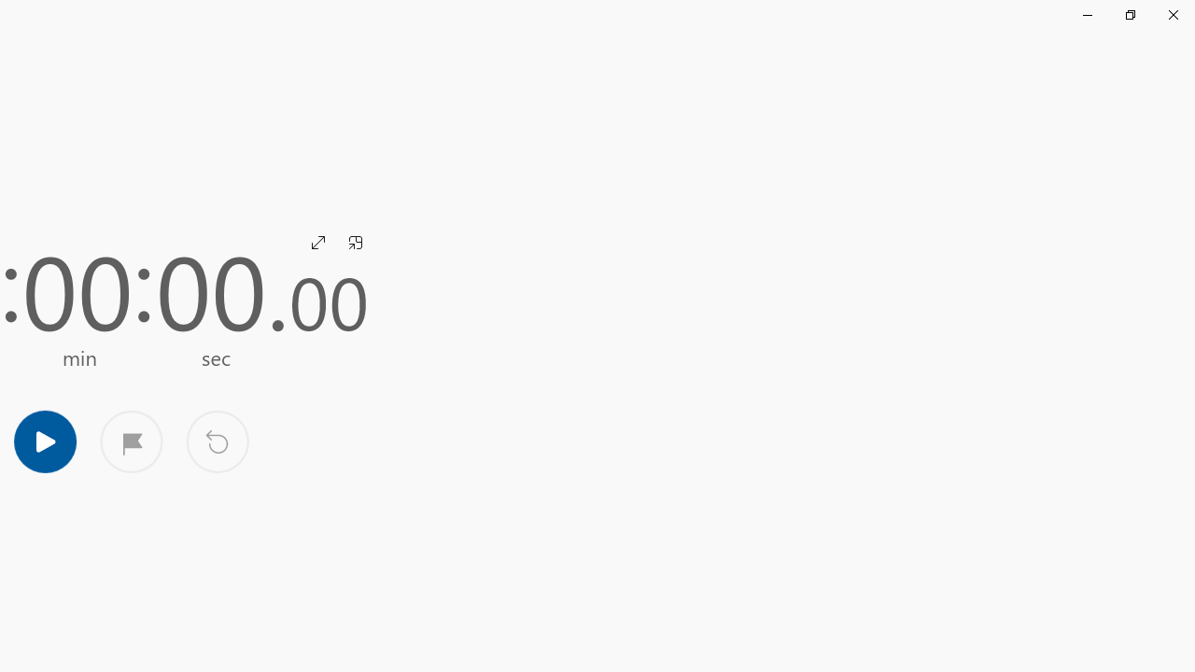  Describe the element at coordinates (1172, 14) in the screenshot. I see `'Close Clock'` at that location.